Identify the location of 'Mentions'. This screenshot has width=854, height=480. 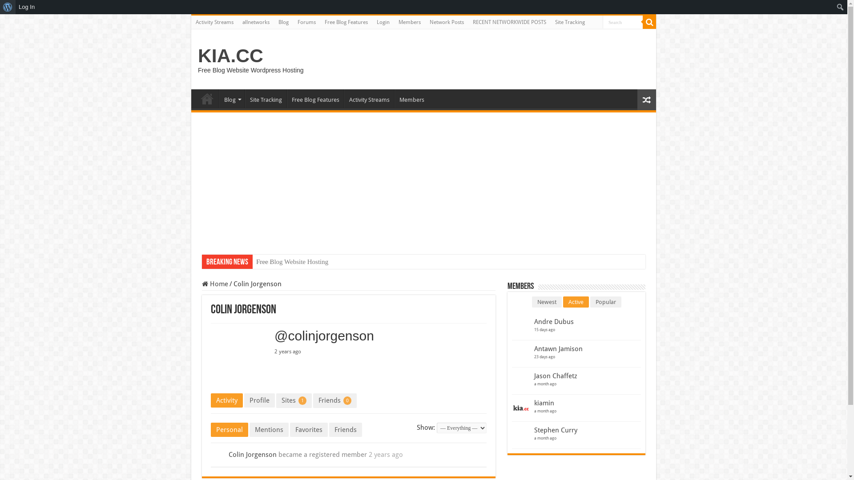
(268, 429).